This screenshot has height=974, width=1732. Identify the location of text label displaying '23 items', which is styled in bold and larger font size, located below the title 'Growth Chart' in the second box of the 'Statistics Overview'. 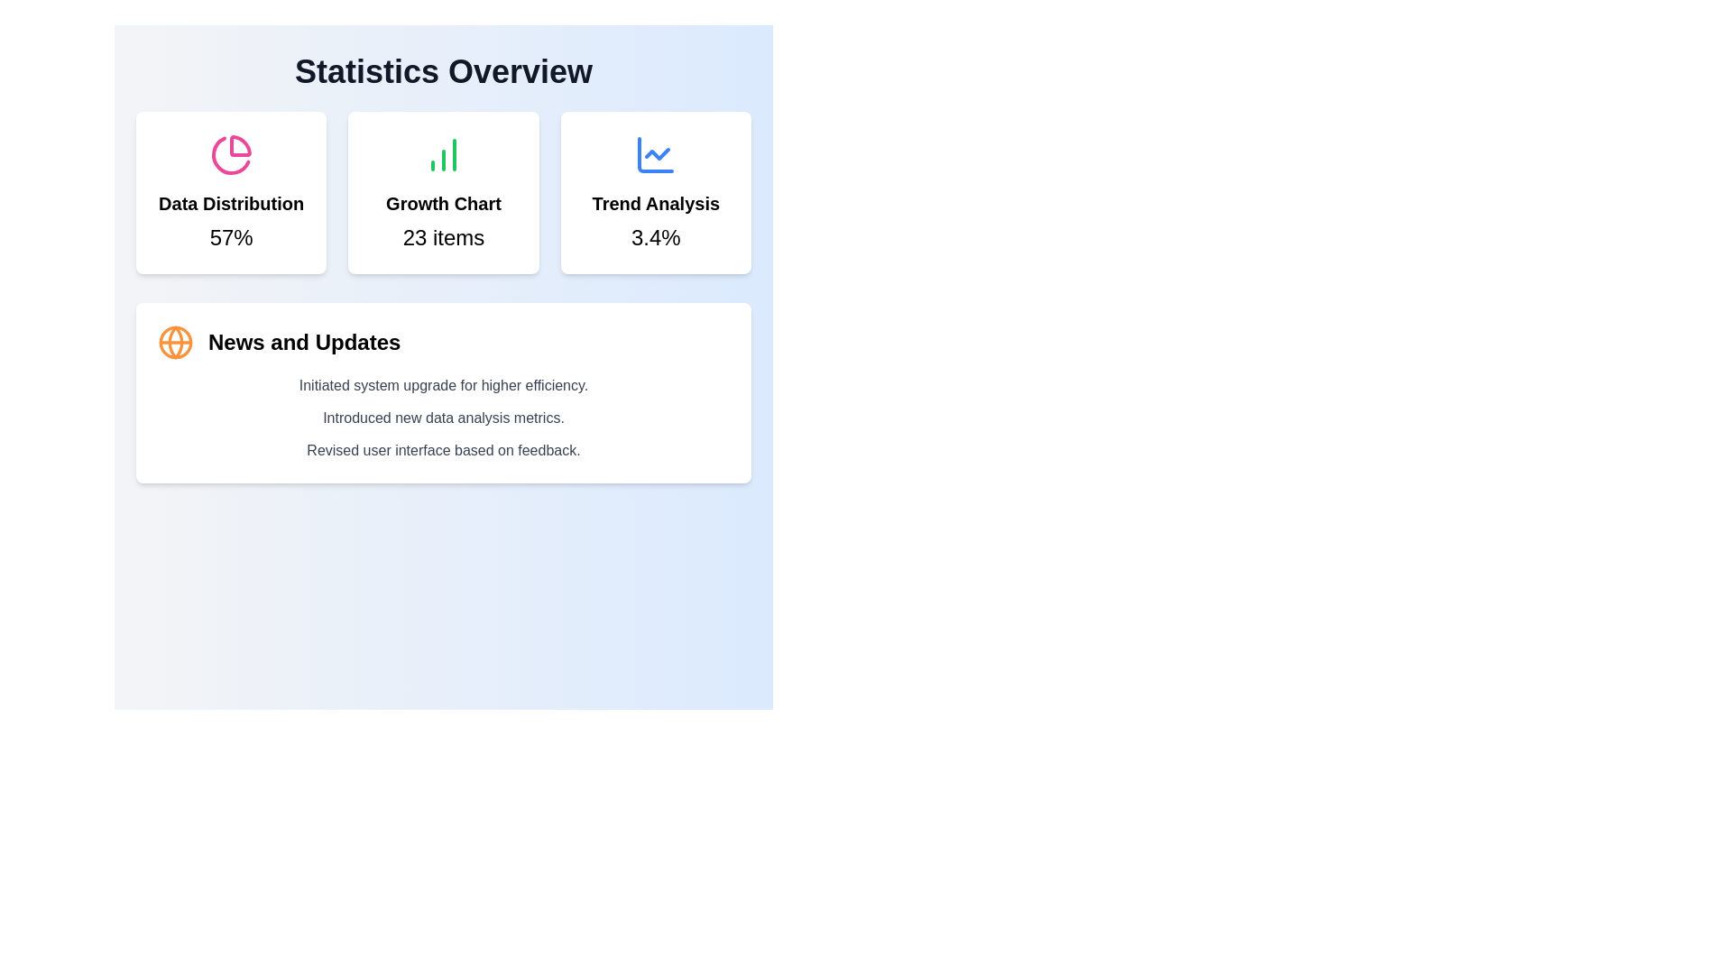
(443, 236).